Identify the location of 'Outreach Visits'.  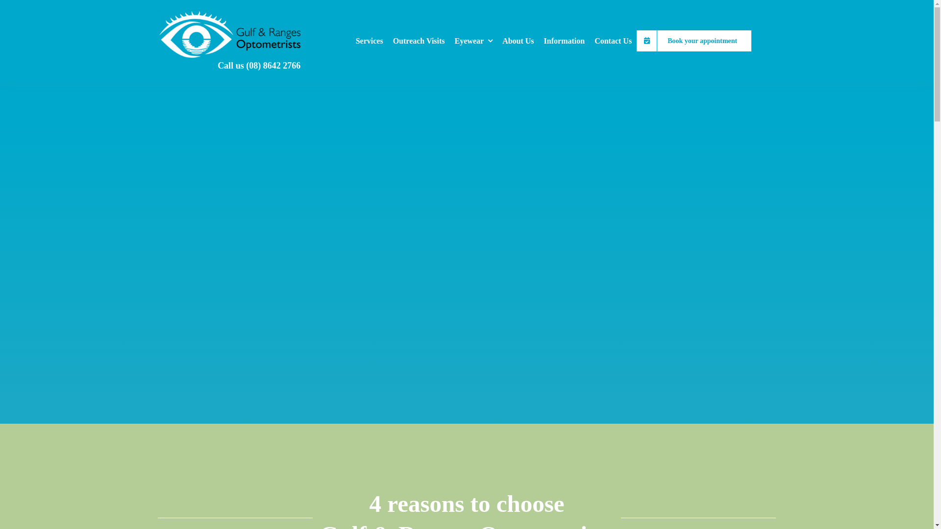
(419, 40).